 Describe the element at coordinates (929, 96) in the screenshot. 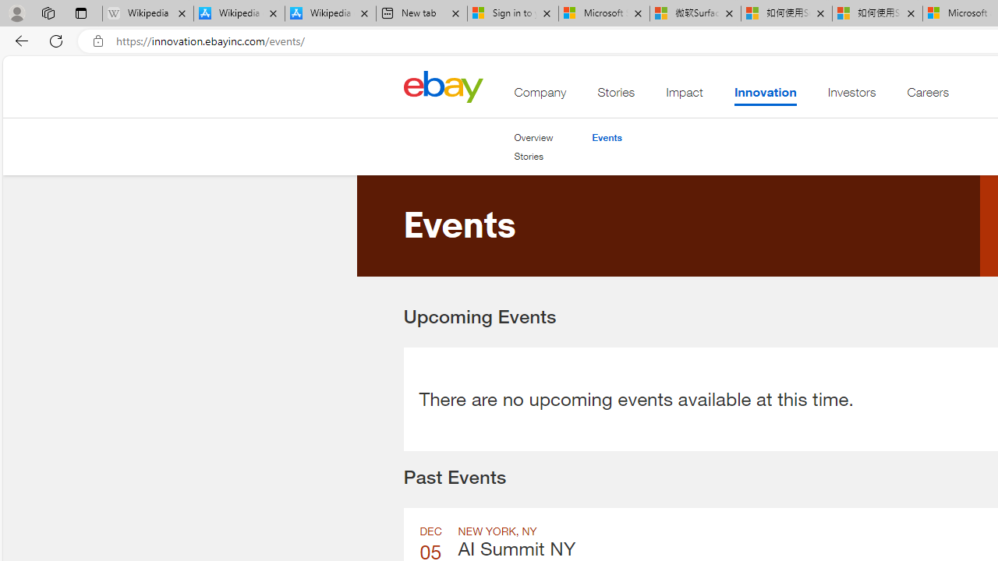

I see `'Careers'` at that location.